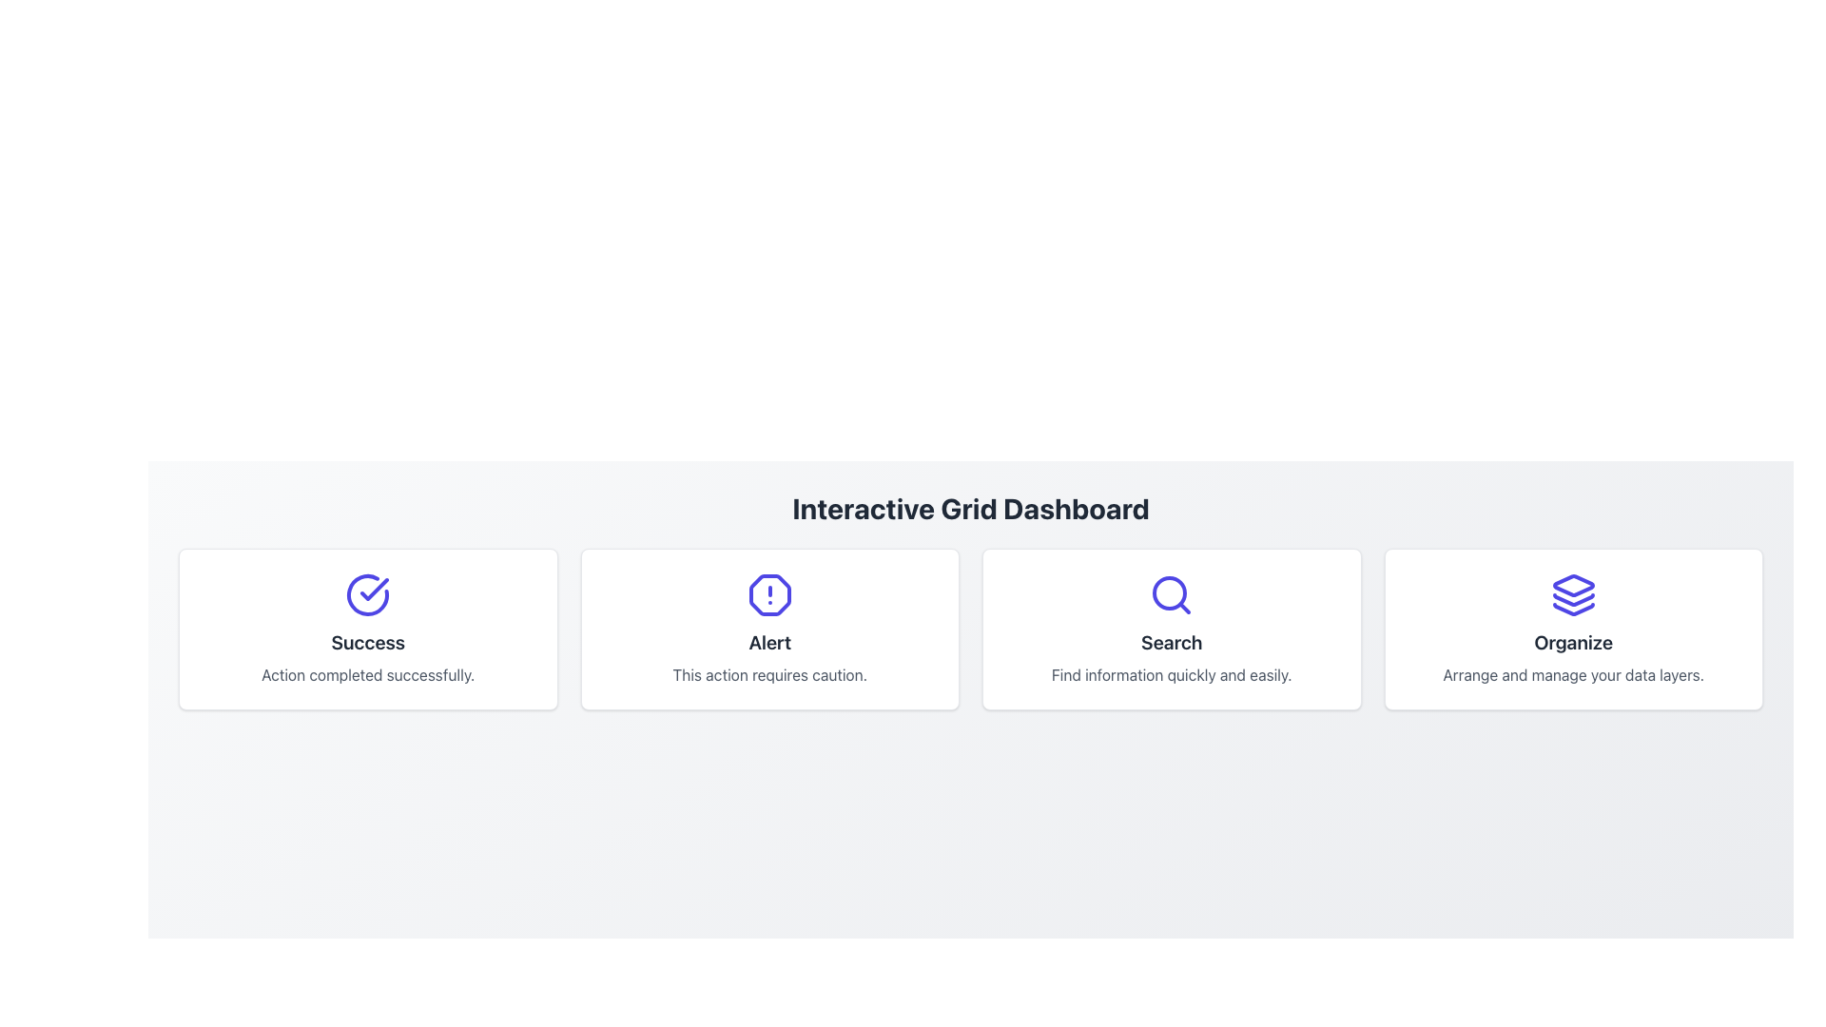  I want to click on the circular indigo outlined icon with a checkmark inside, positioned above the text 'Success' in the layout, if it is interactive, so click(368, 593).